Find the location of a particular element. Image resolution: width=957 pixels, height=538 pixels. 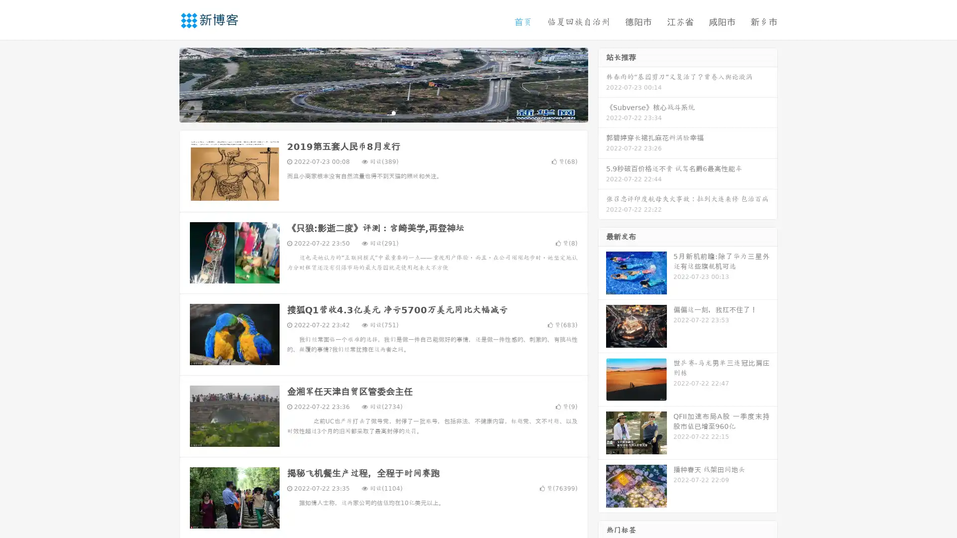

Go to slide 1 is located at coordinates (373, 112).